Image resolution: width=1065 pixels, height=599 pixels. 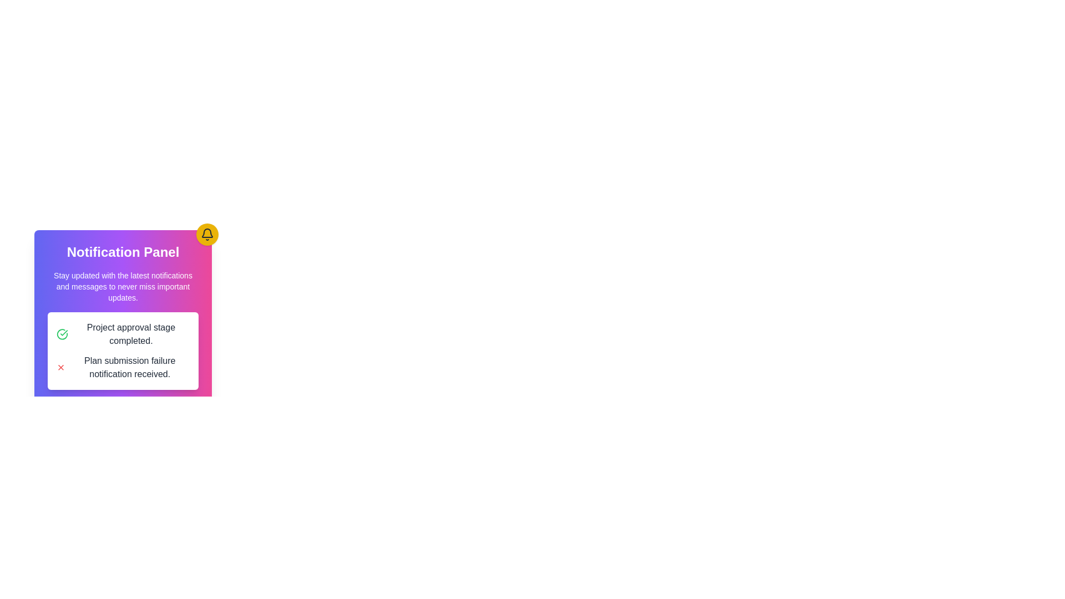 What do you see at coordinates (63, 332) in the screenshot?
I see `the icon representing the successful completion of the task, located to the left of the text 'Project approval stage completed.' in the notification panel` at bounding box center [63, 332].